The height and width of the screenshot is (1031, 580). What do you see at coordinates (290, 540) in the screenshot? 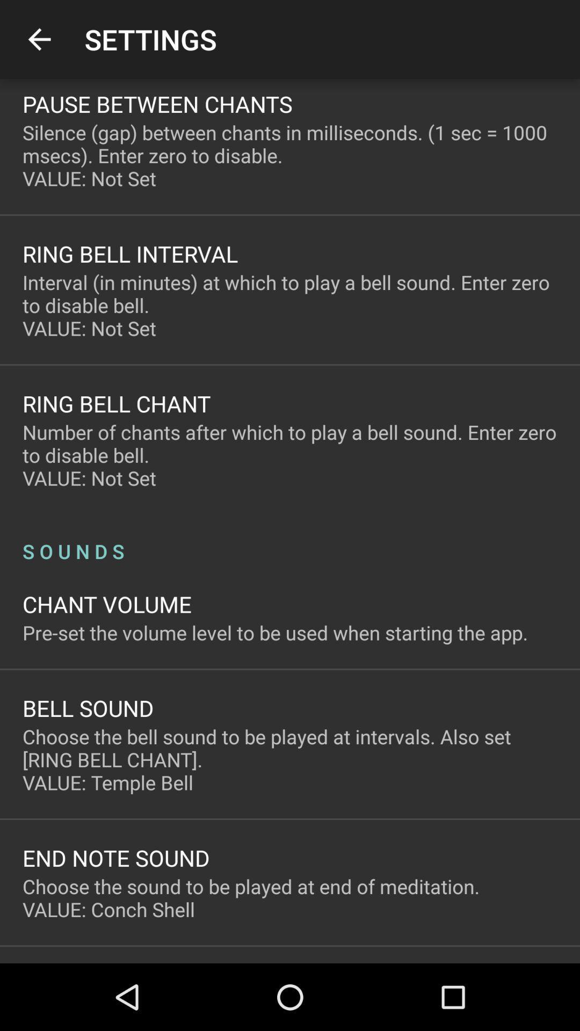
I see `icon above the chant volume item` at bounding box center [290, 540].